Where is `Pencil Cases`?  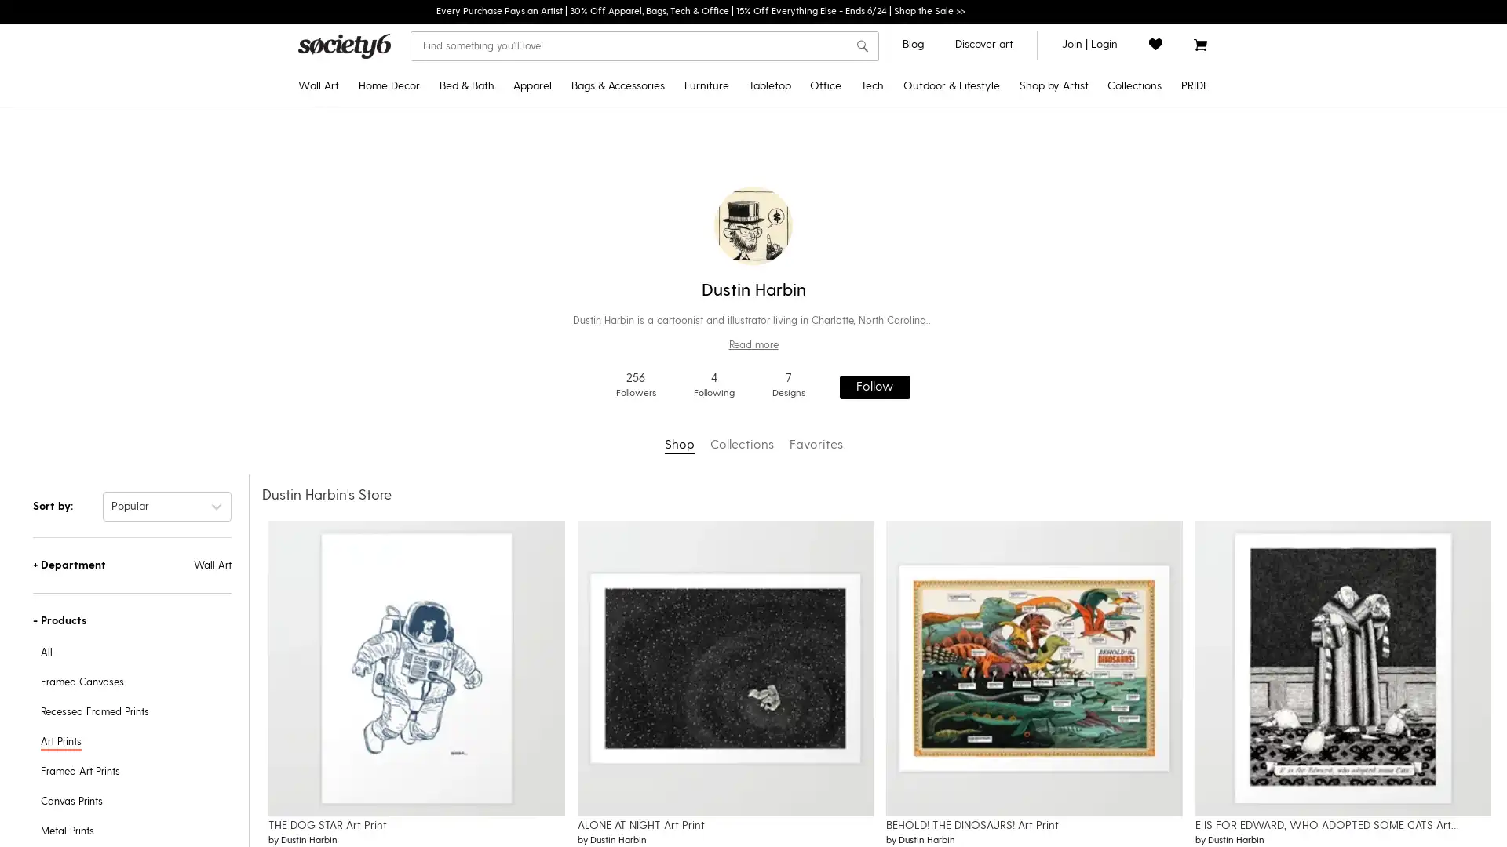
Pencil Cases is located at coordinates (864, 277).